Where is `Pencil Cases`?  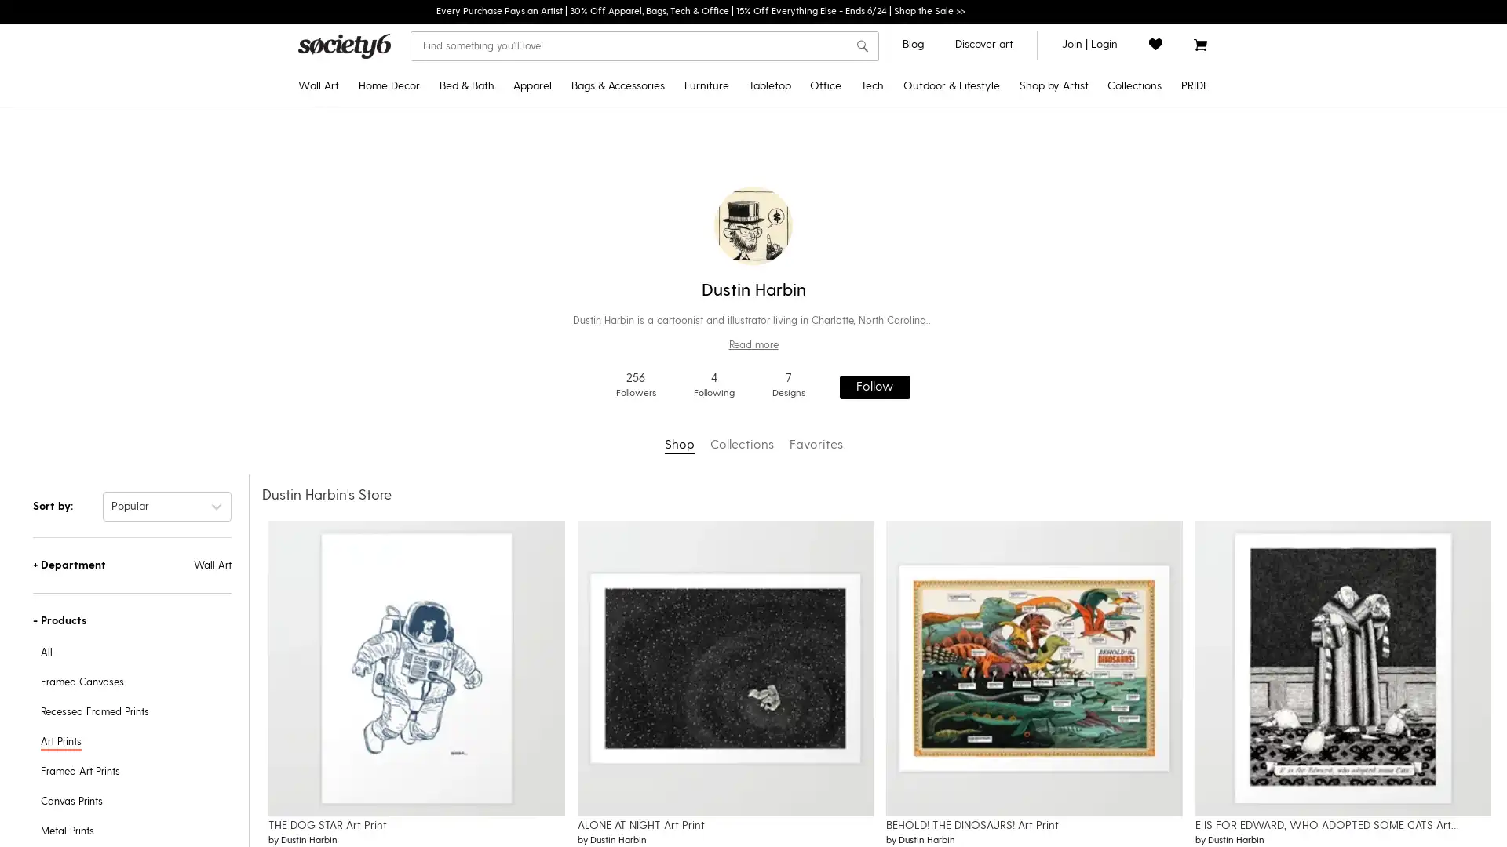
Pencil Cases is located at coordinates (864, 277).